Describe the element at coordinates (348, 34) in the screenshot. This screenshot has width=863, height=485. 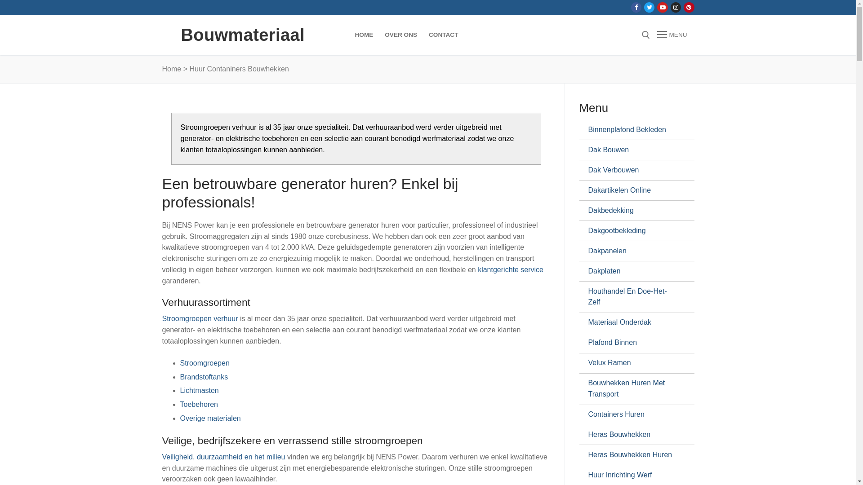
I see `'HOME'` at that location.